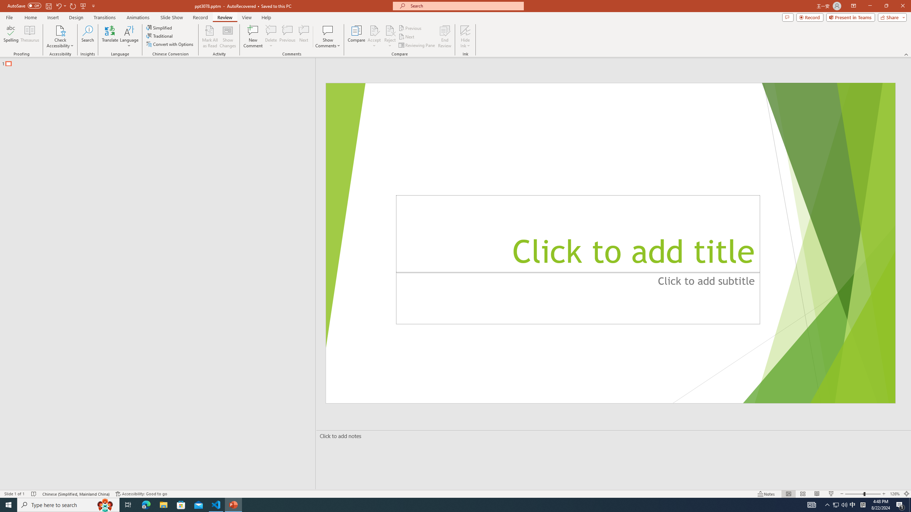 This screenshot has width=911, height=512. Describe the element at coordinates (170, 43) in the screenshot. I see `'Convert with Options...'` at that location.